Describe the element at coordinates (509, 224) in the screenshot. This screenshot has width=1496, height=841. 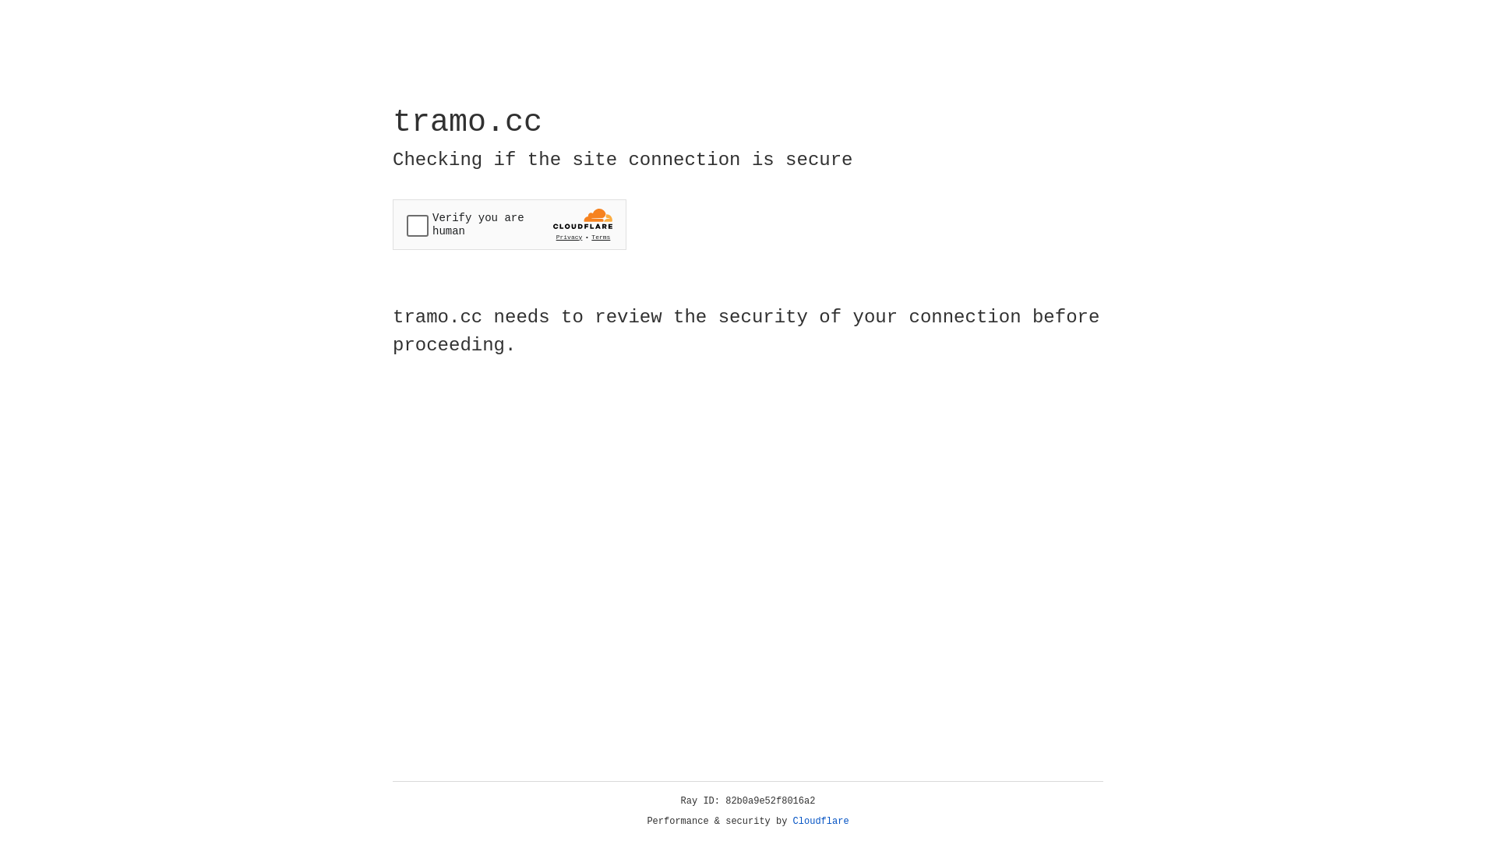
I see `'Widget containing a Cloudflare security challenge'` at that location.